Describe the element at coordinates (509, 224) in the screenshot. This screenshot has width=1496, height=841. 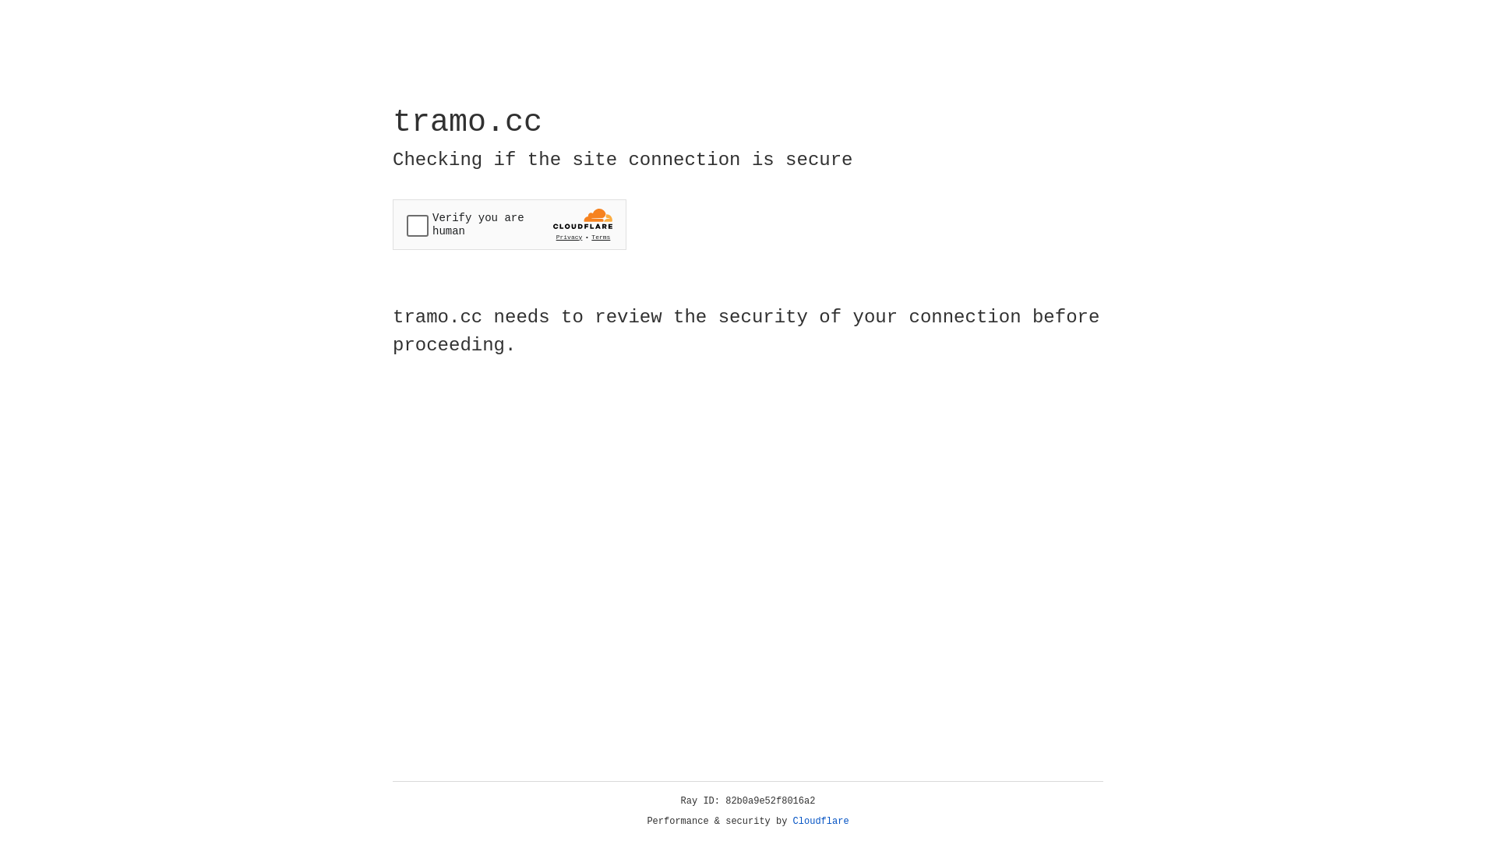
I see `'Widget containing a Cloudflare security challenge'` at that location.